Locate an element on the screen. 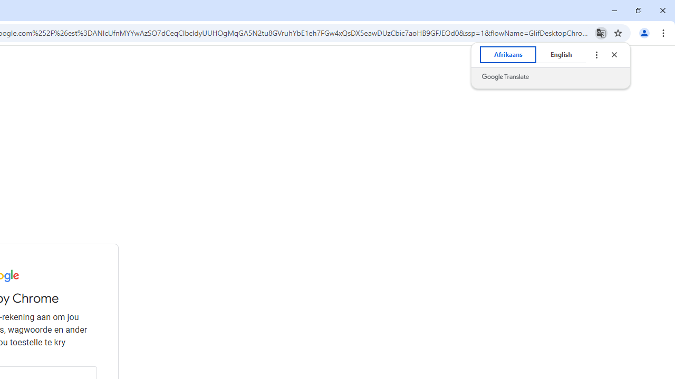 The height and width of the screenshot is (379, 675). 'Translate this page' is located at coordinates (601, 32).